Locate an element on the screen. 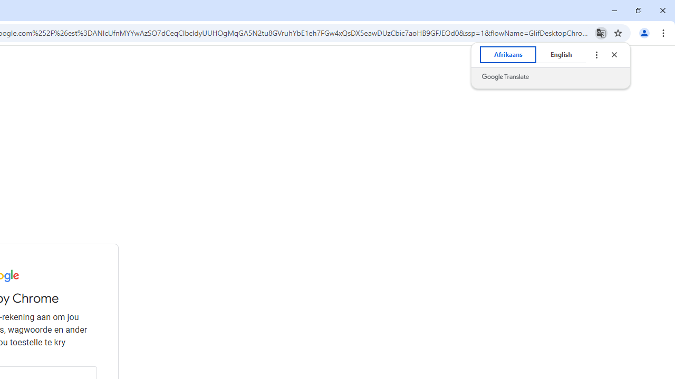 The height and width of the screenshot is (379, 675). 'Translate this page' is located at coordinates (601, 32).